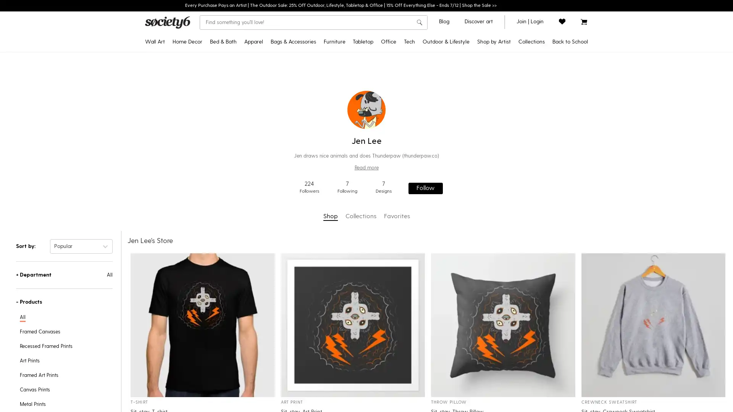 The image size is (733, 412). Describe the element at coordinates (298, 73) in the screenshot. I see `Carry-All Pouches` at that location.